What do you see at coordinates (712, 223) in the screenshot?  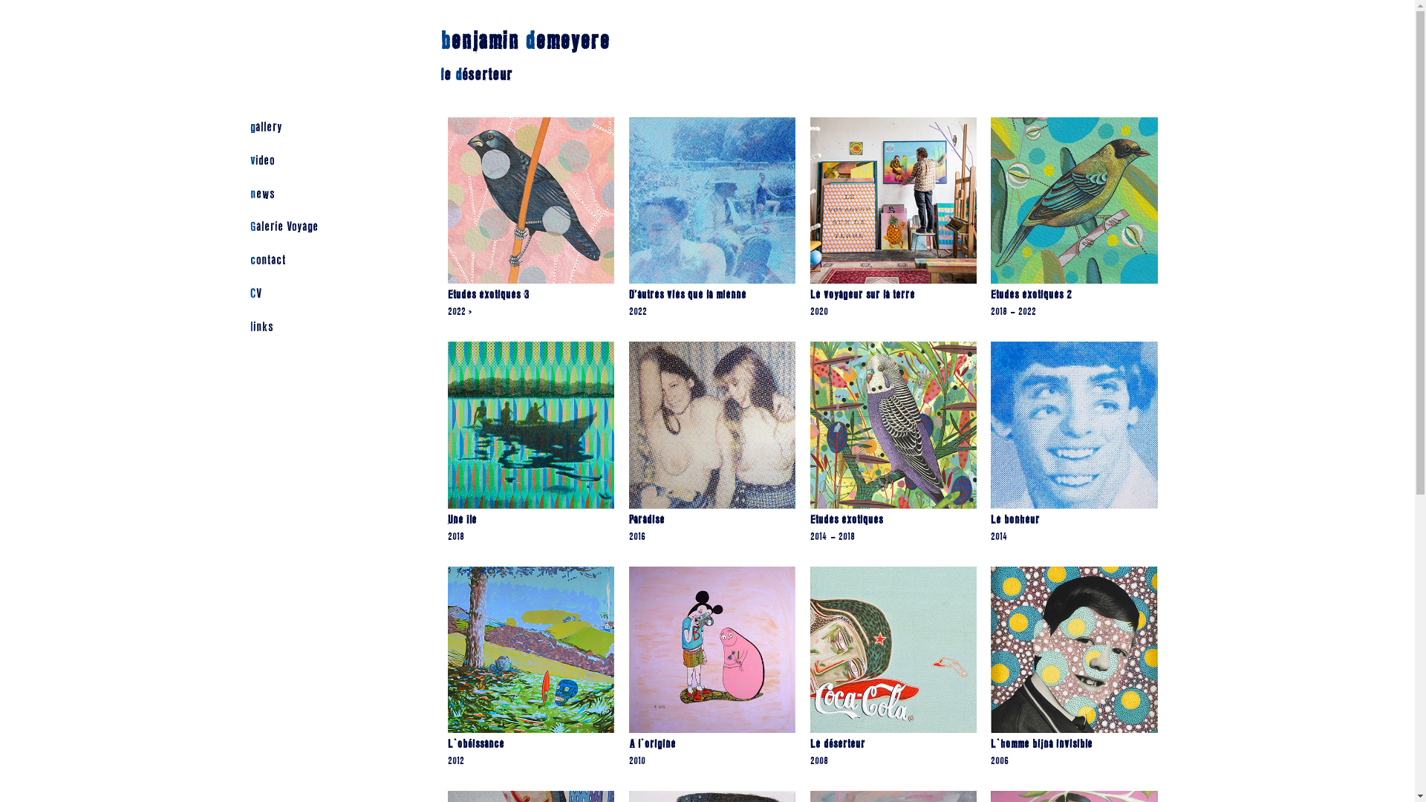 I see `'D'autres vies que la mienne` at bounding box center [712, 223].